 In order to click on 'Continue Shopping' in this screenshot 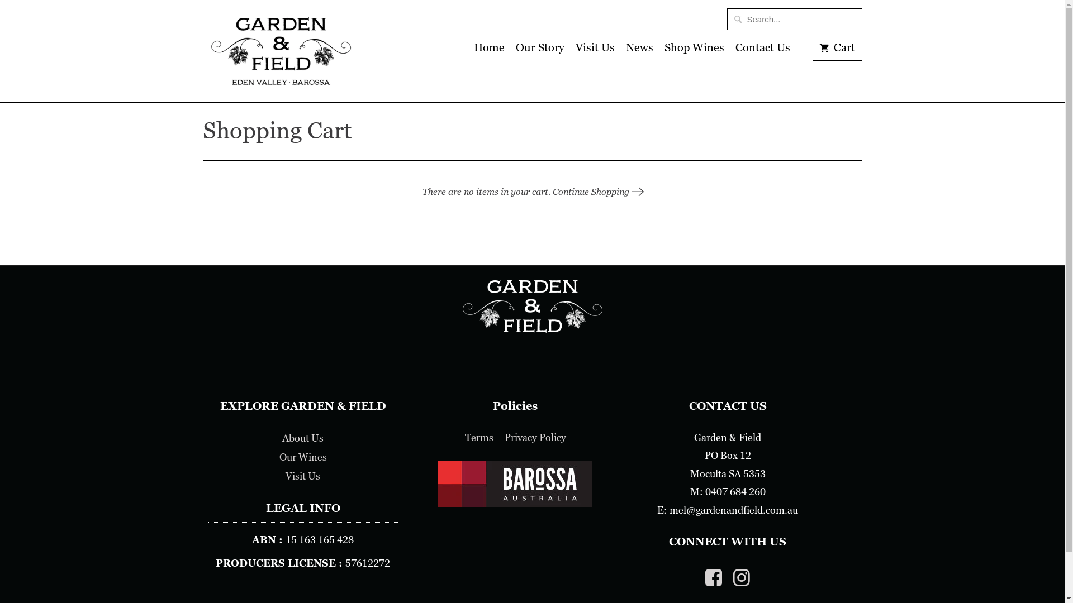, I will do `click(597, 191)`.